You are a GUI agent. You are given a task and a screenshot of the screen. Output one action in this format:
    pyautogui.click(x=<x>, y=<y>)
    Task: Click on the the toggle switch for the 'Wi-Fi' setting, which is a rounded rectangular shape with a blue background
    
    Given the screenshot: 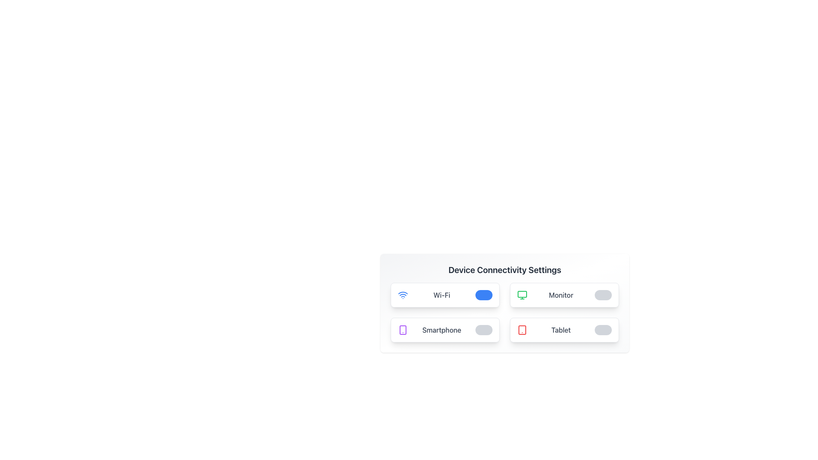 What is the action you would take?
    pyautogui.click(x=484, y=295)
    